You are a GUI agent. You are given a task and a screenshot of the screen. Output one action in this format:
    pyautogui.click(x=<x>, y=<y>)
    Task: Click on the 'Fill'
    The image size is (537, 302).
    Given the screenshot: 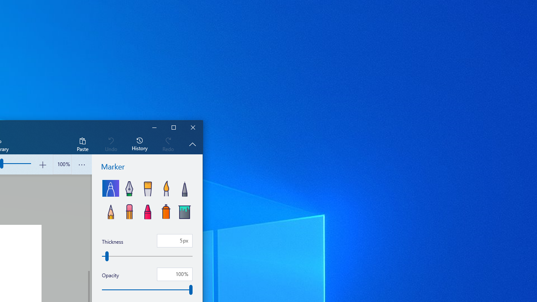 What is the action you would take?
    pyautogui.click(x=184, y=210)
    